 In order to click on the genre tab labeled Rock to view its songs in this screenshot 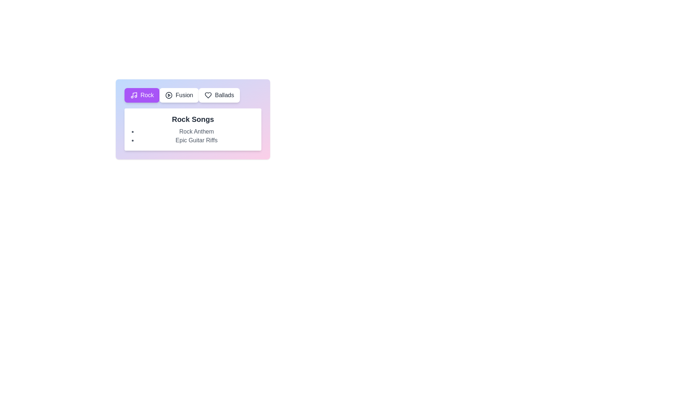, I will do `click(142, 95)`.